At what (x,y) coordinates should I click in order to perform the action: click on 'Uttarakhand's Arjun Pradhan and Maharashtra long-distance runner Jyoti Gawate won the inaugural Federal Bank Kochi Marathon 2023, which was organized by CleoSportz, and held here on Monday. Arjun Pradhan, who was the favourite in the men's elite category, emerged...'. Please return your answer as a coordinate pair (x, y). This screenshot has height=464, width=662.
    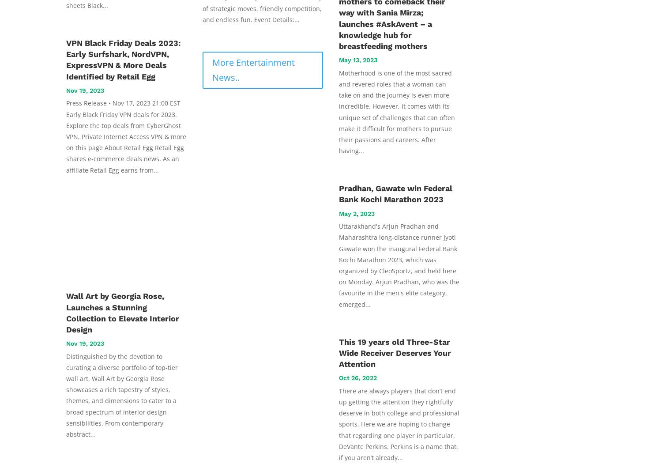
    Looking at the image, I should click on (399, 265).